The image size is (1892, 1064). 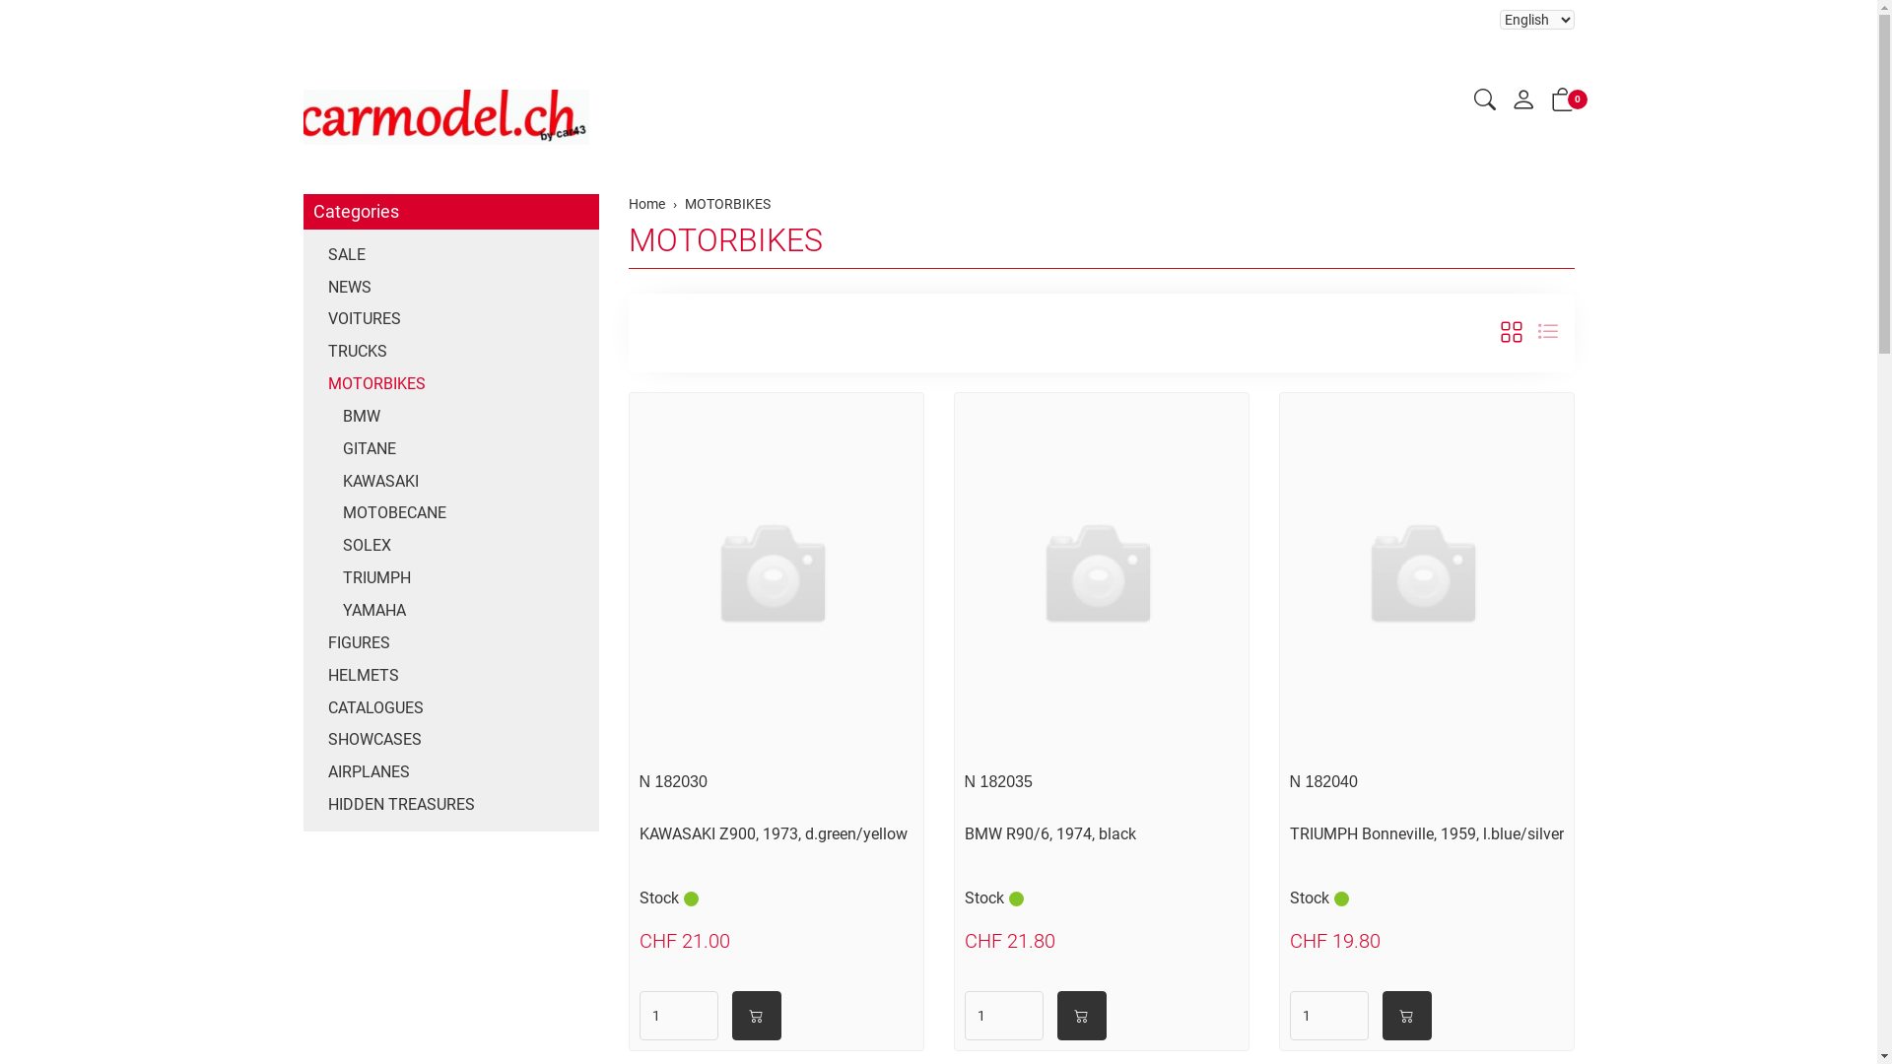 What do you see at coordinates (1100, 576) in the screenshot?
I see `'Click to see details'` at bounding box center [1100, 576].